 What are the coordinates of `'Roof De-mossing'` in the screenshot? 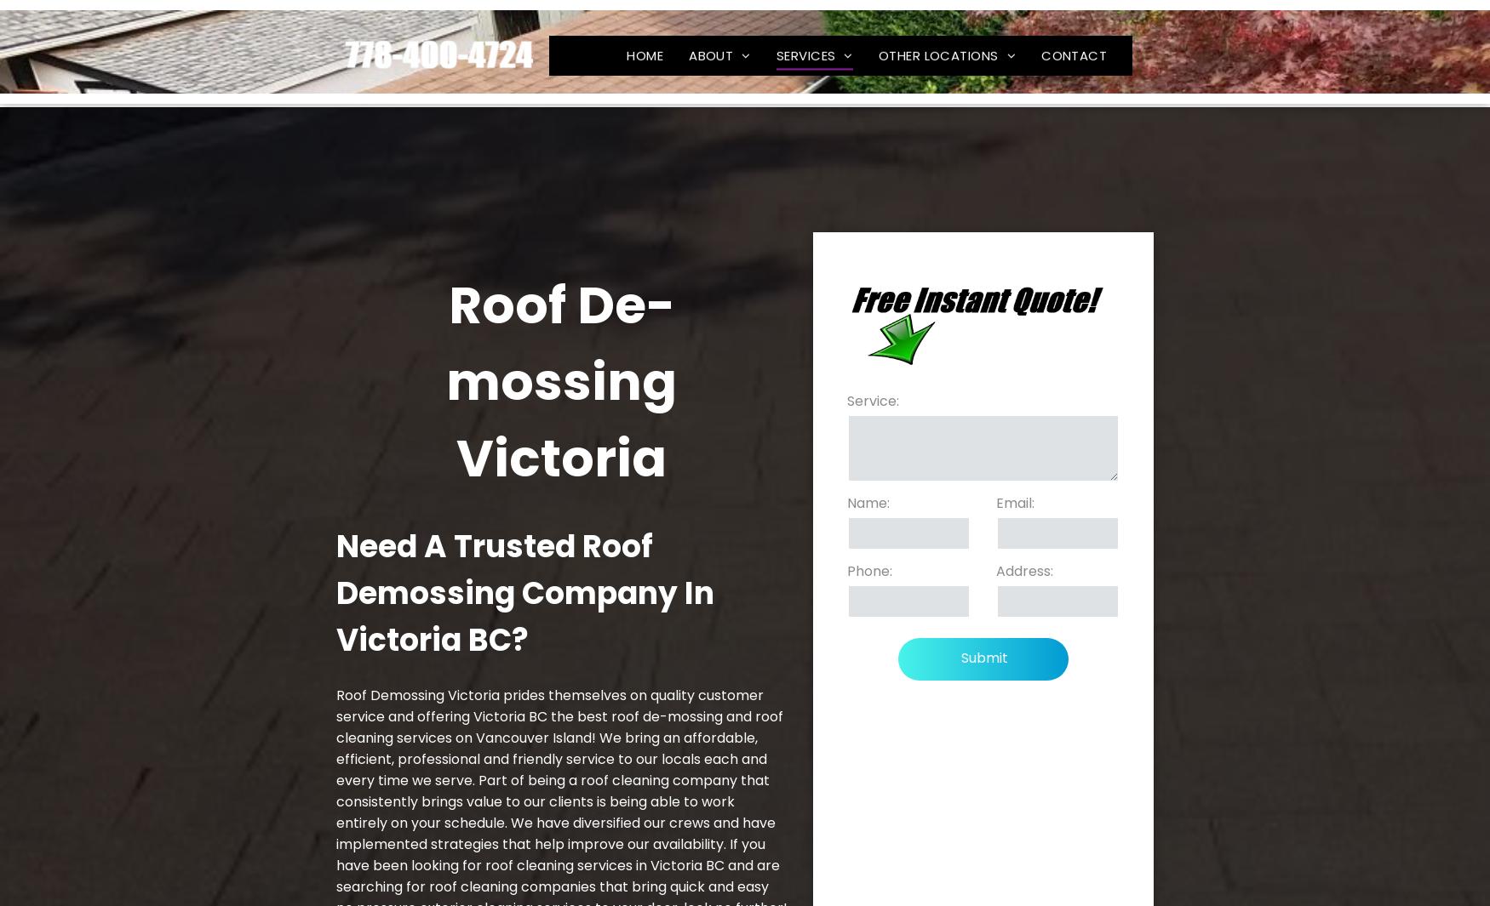 It's located at (811, 77).